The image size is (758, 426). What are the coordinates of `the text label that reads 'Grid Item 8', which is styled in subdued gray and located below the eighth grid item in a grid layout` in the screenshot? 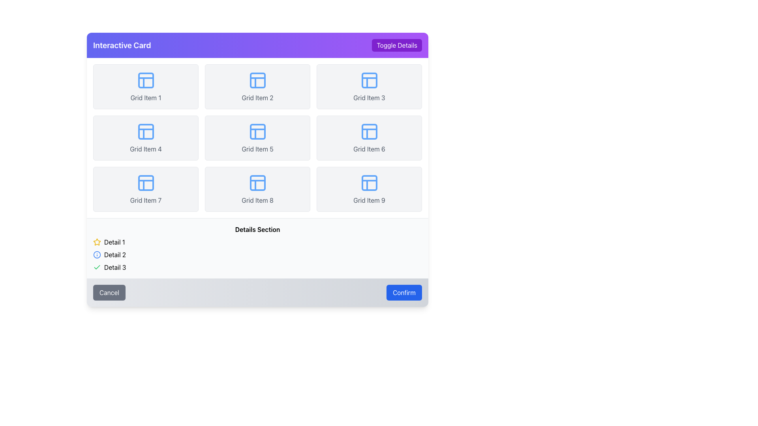 It's located at (257, 200).